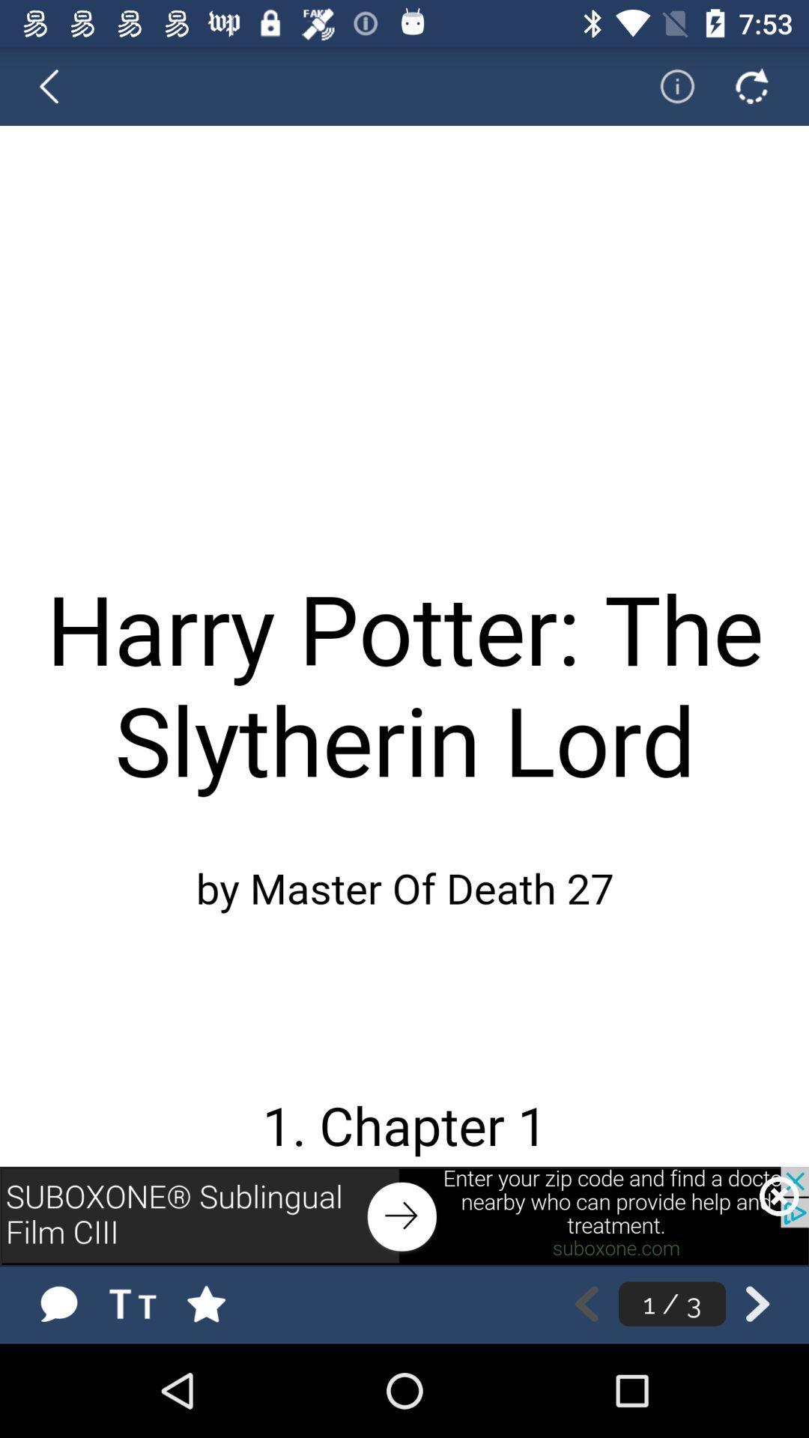  Describe the element at coordinates (404, 1216) in the screenshot. I see `previous` at that location.